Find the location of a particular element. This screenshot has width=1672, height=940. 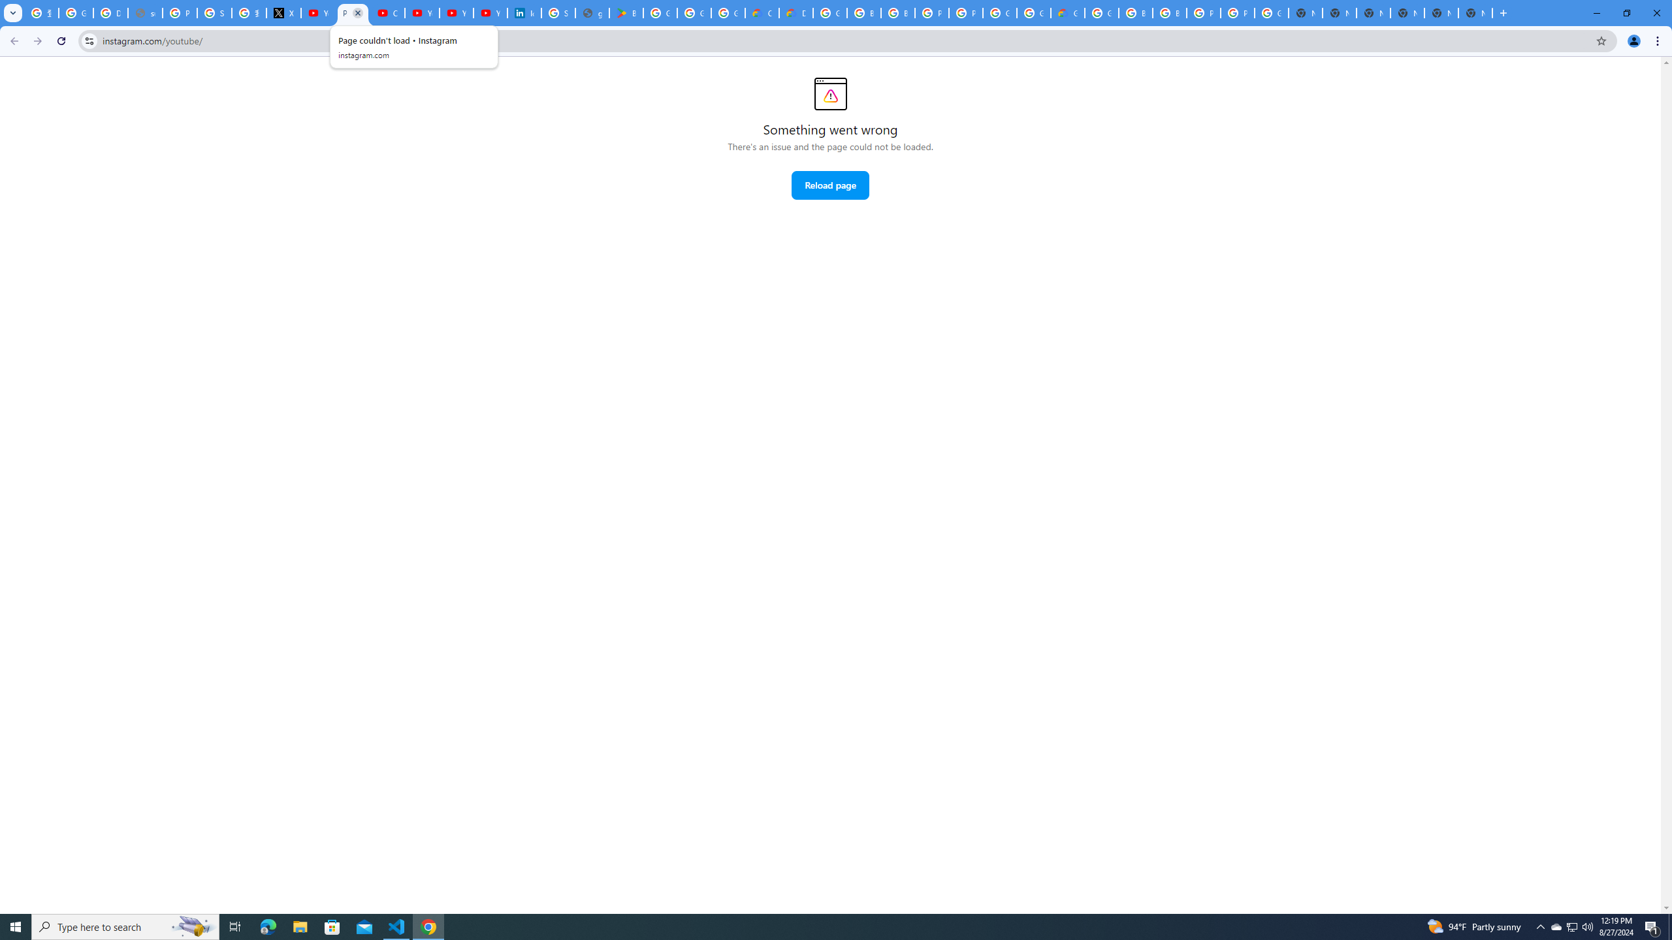

'X' is located at coordinates (284, 12).